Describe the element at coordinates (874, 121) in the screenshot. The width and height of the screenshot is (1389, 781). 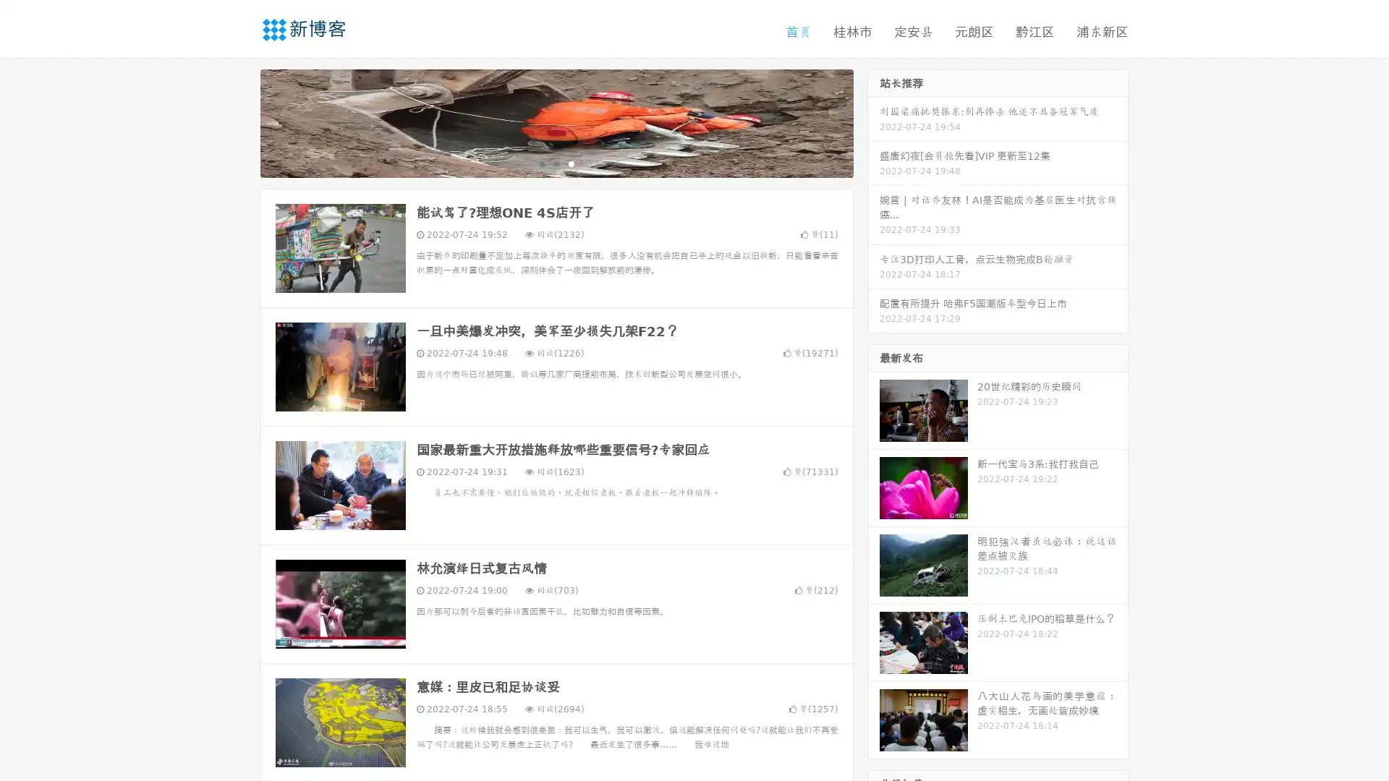
I see `Next slide` at that location.